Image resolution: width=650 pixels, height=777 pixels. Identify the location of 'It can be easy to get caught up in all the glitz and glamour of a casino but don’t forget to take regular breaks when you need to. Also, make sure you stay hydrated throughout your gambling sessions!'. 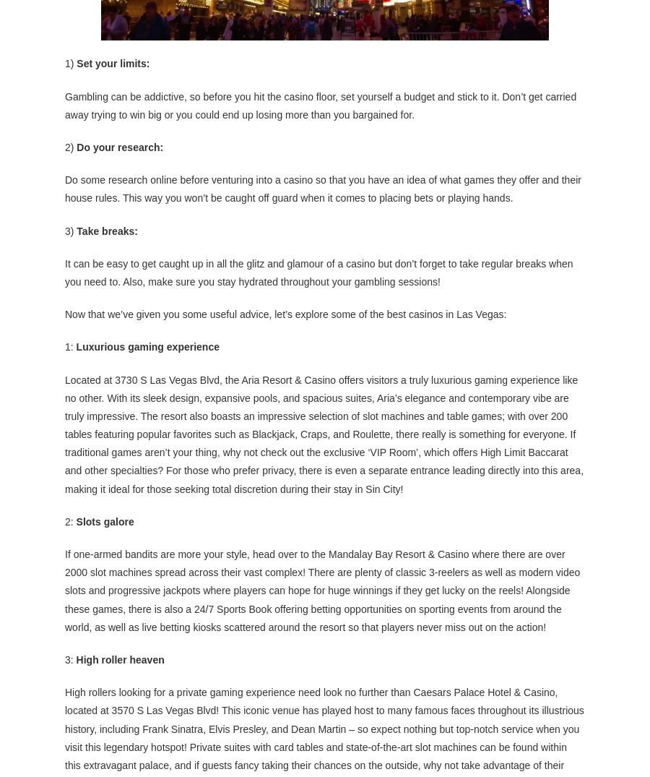
(318, 271).